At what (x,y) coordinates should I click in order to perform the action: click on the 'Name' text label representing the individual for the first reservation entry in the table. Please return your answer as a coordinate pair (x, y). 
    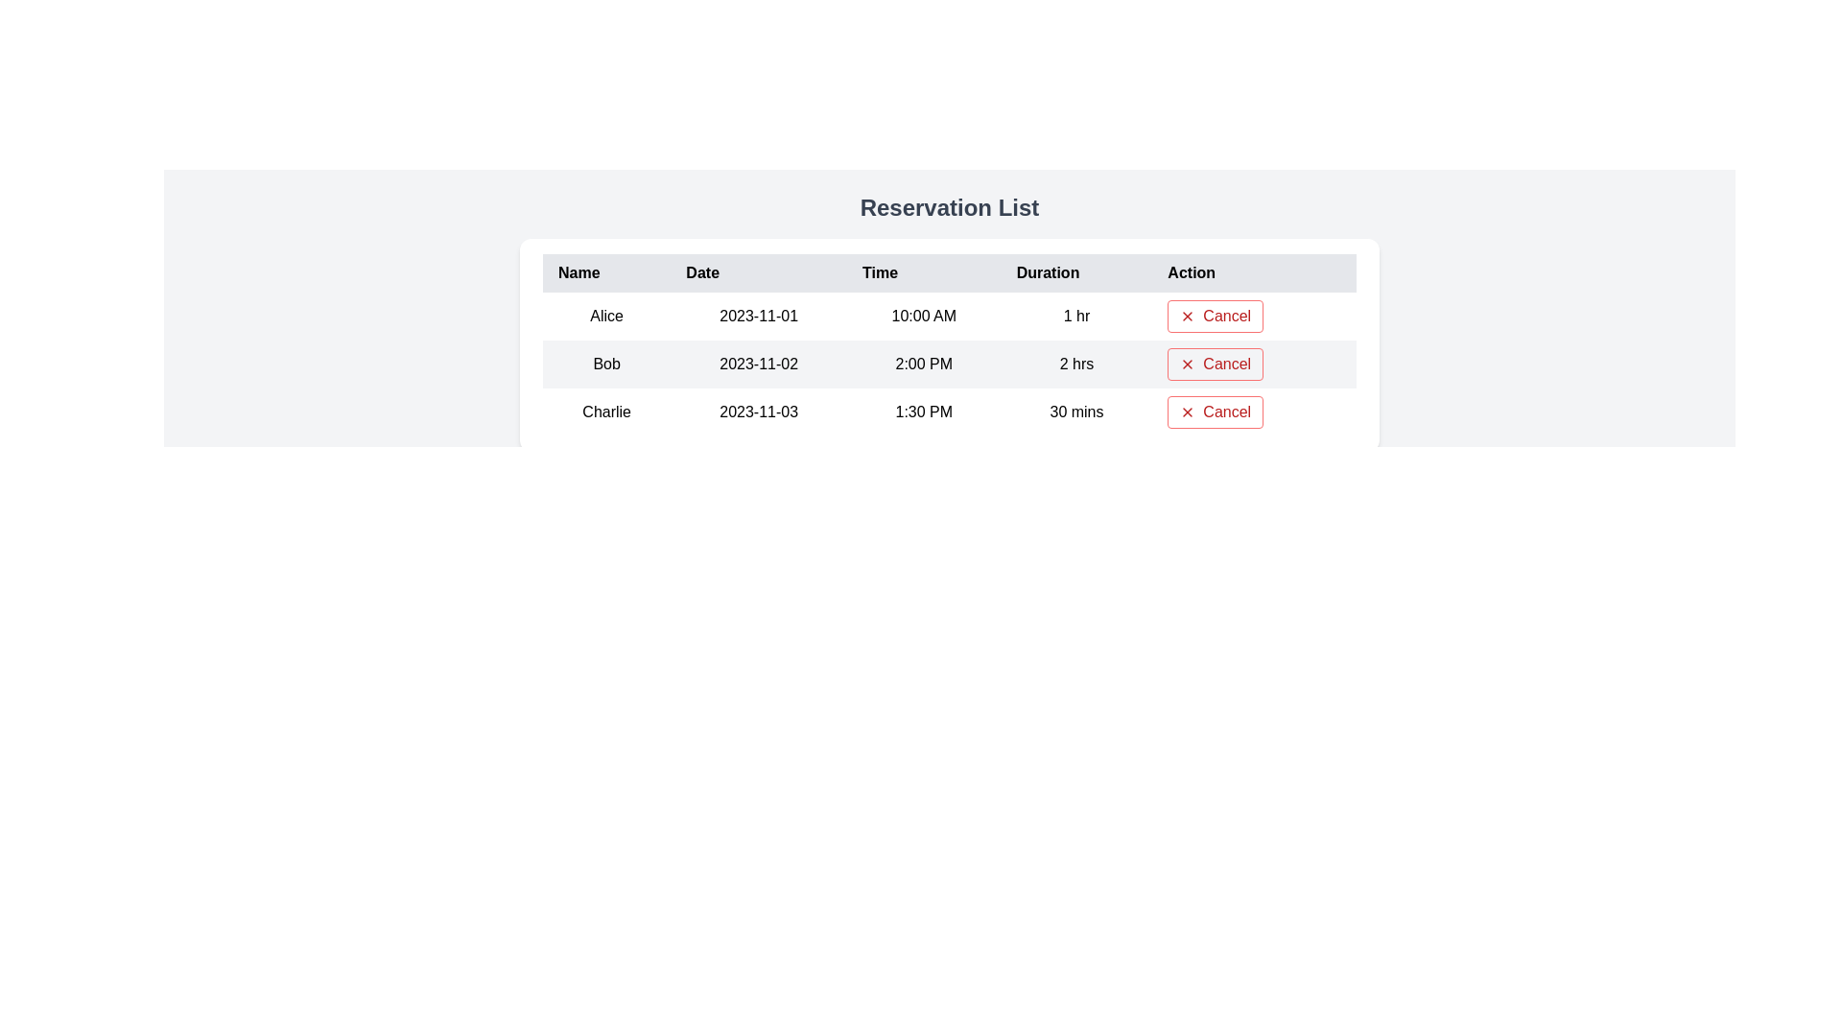
    Looking at the image, I should click on (605, 316).